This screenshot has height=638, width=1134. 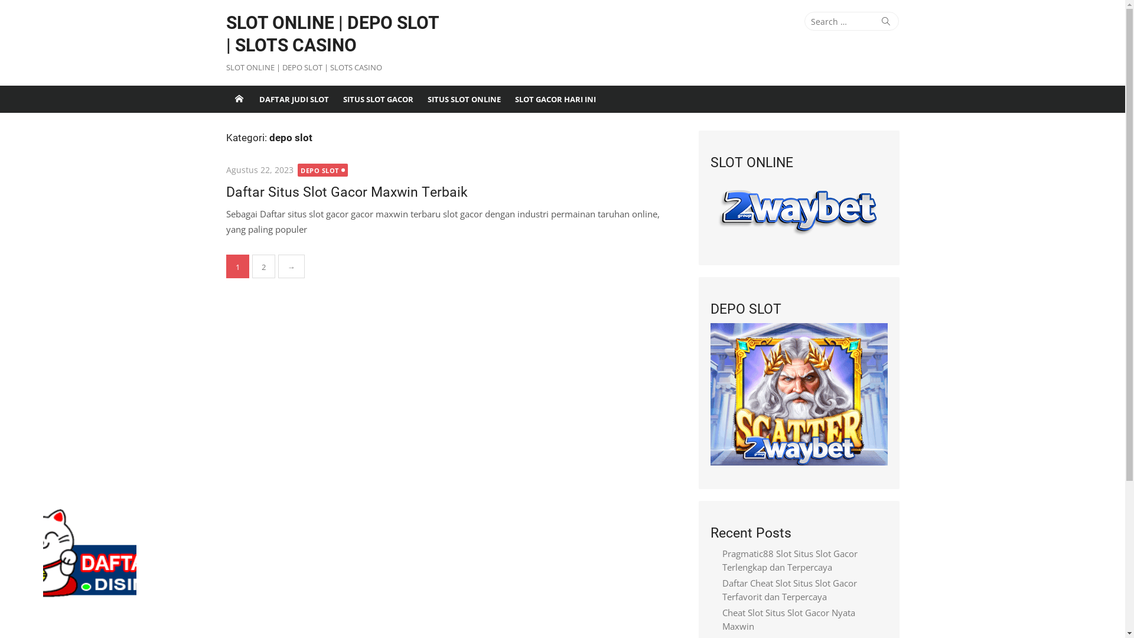 What do you see at coordinates (885, 21) in the screenshot?
I see `'Search'` at bounding box center [885, 21].